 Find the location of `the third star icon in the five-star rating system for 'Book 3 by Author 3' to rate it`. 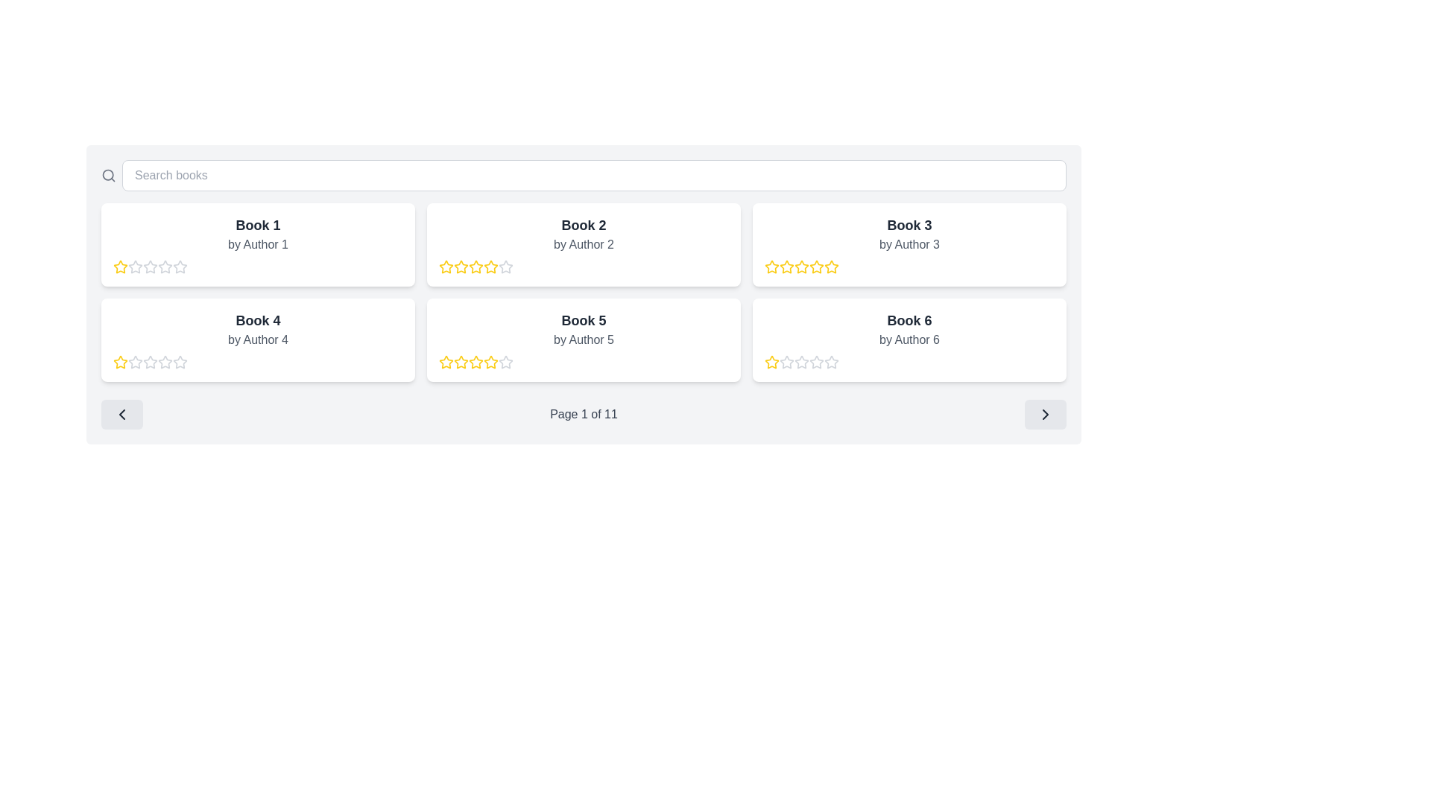

the third star icon in the five-star rating system for 'Book 3 by Author 3' to rate it is located at coordinates (831, 266).